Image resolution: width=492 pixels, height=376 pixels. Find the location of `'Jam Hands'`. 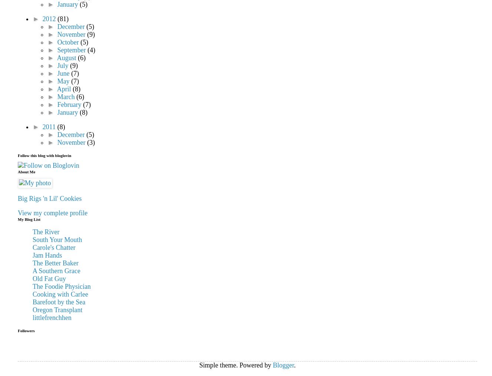

'Jam Hands' is located at coordinates (47, 255).